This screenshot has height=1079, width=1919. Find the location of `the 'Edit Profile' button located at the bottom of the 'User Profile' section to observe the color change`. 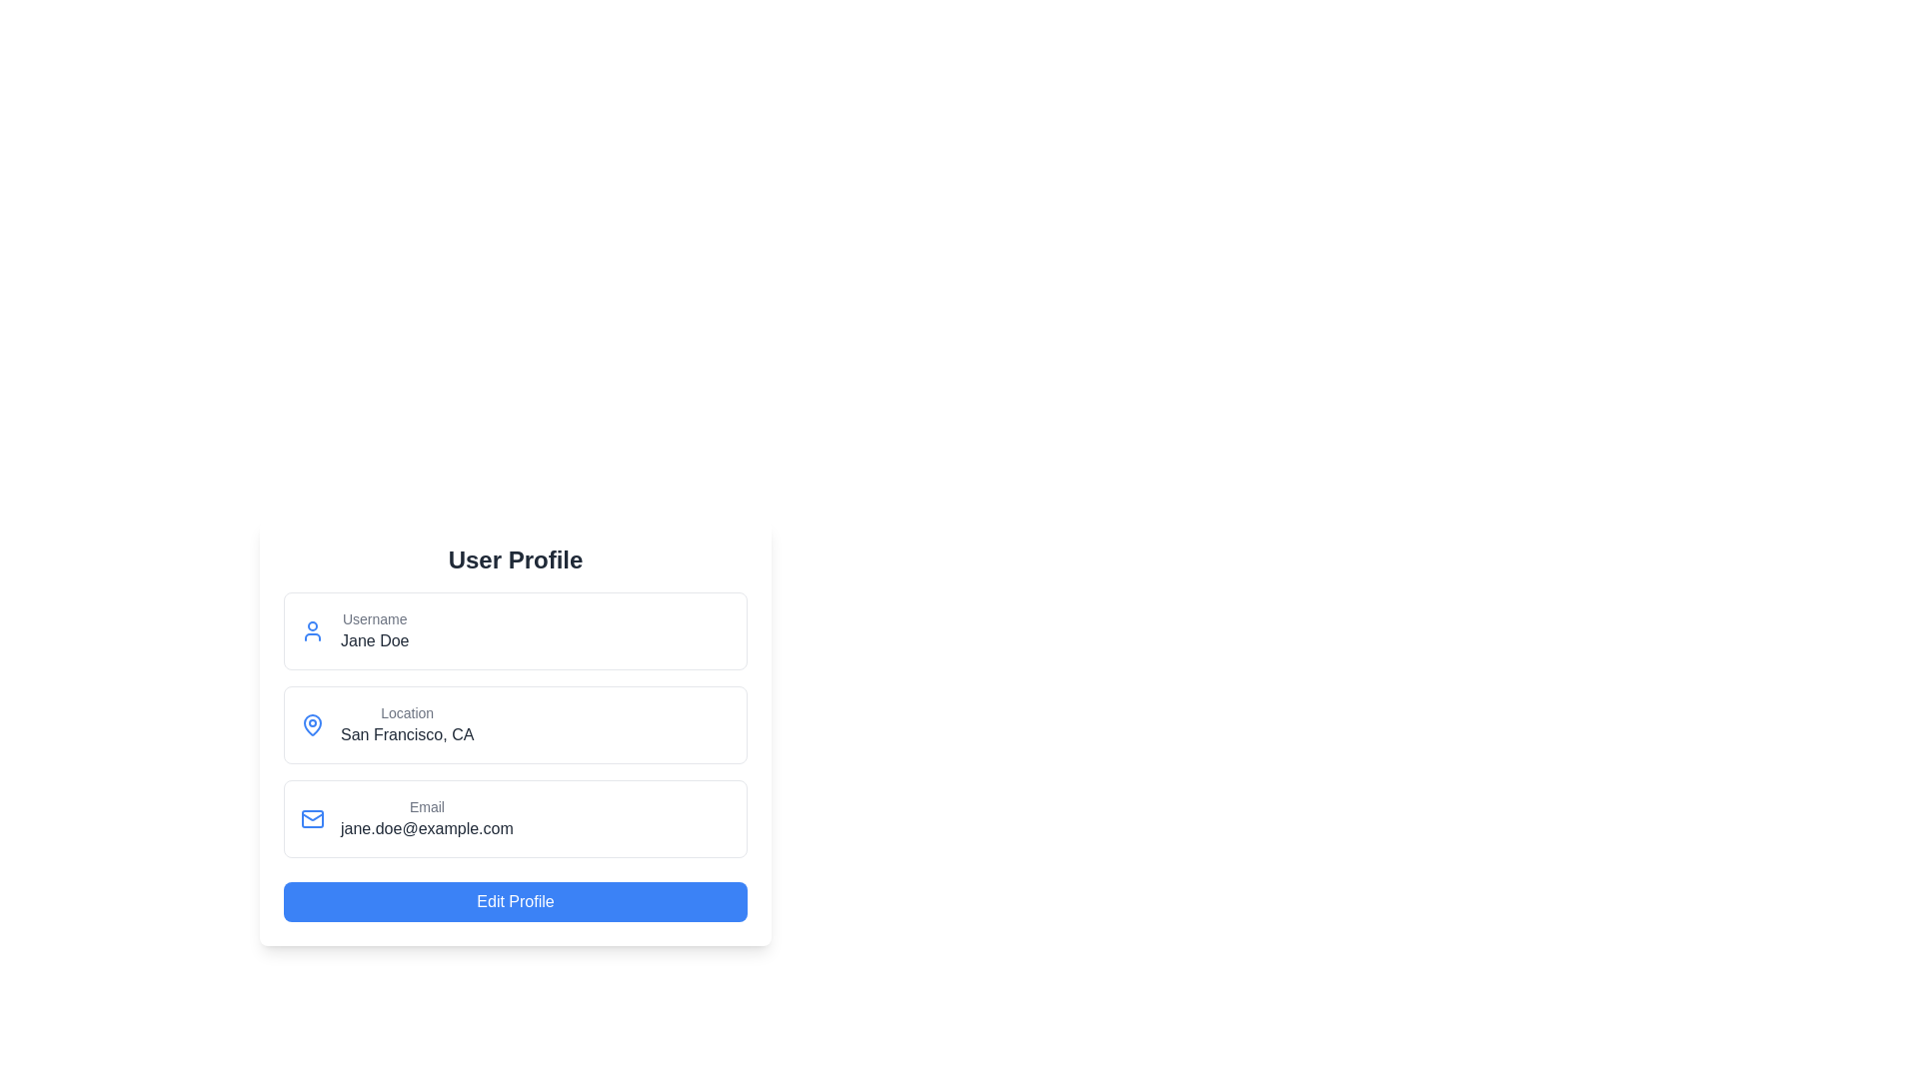

the 'Edit Profile' button located at the bottom of the 'User Profile' section to observe the color change is located at coordinates (515, 901).